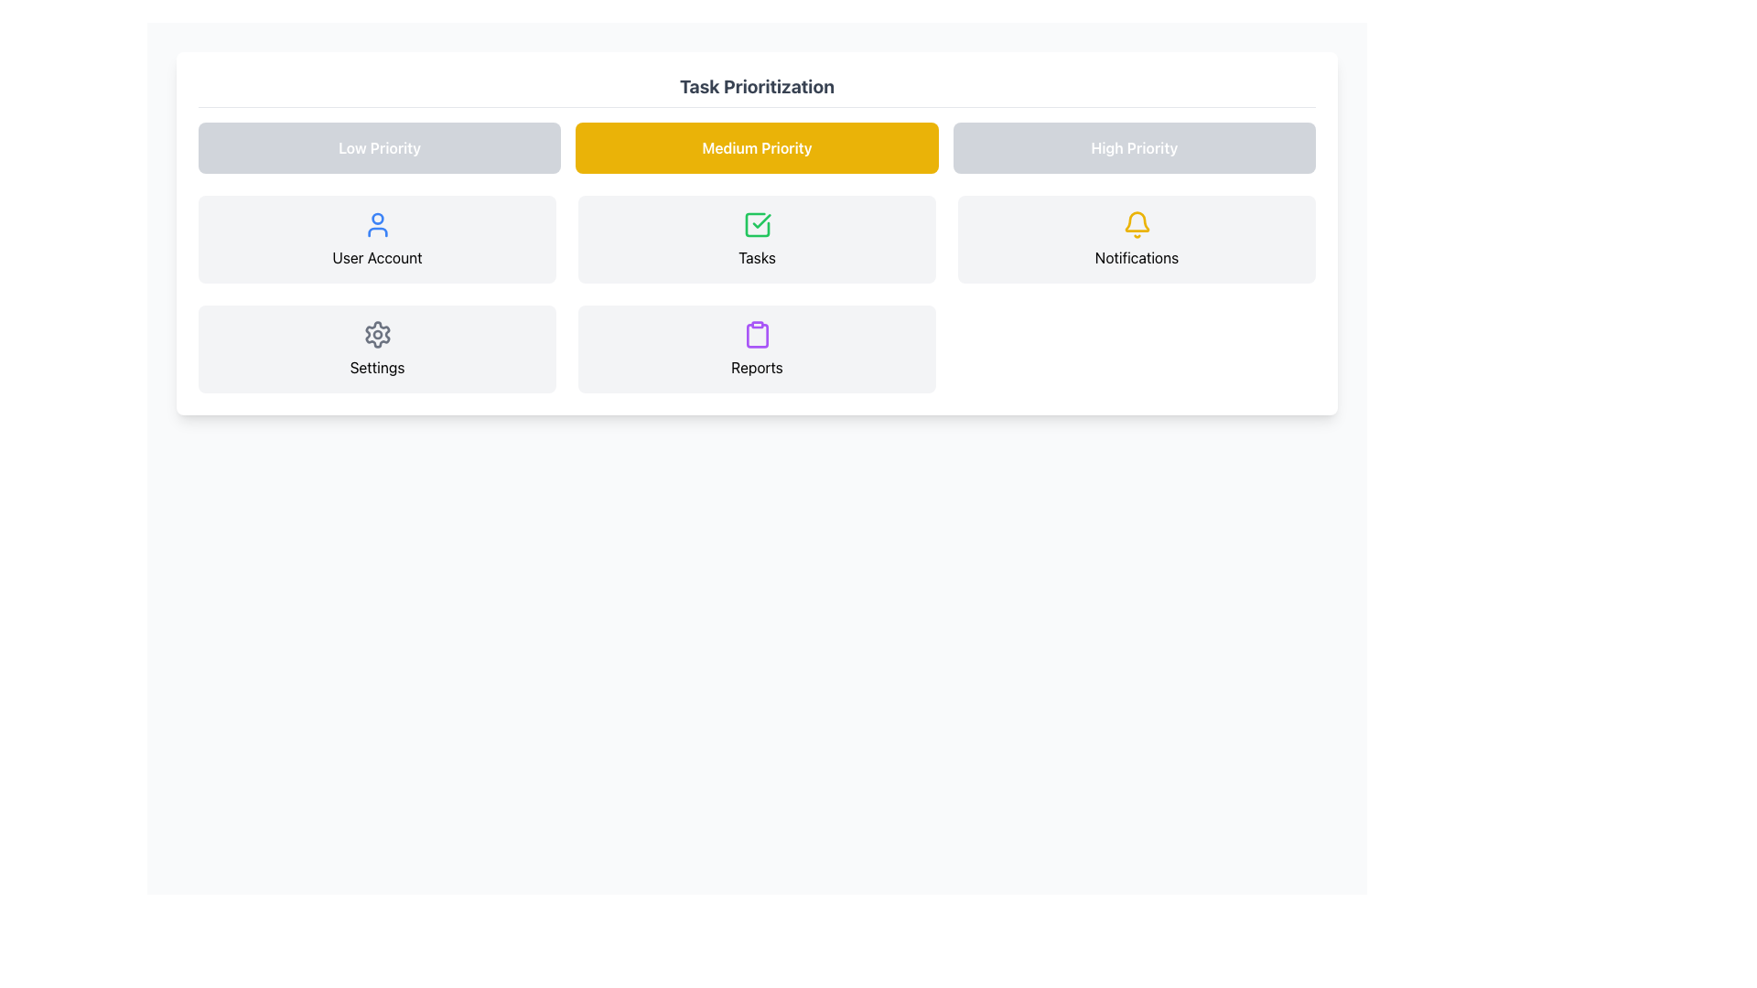 The width and height of the screenshot is (1757, 988). I want to click on the 'Settings' icon located in the bottom-left section of the task prioritization grid interface, so click(376, 335).